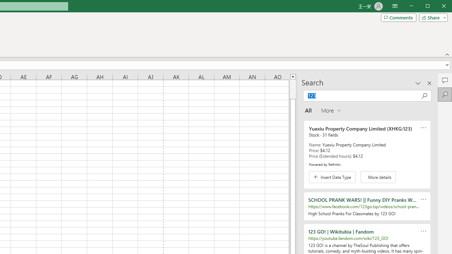 Image resolution: width=452 pixels, height=254 pixels. Describe the element at coordinates (432, 17) in the screenshot. I see `'Share'` at that location.